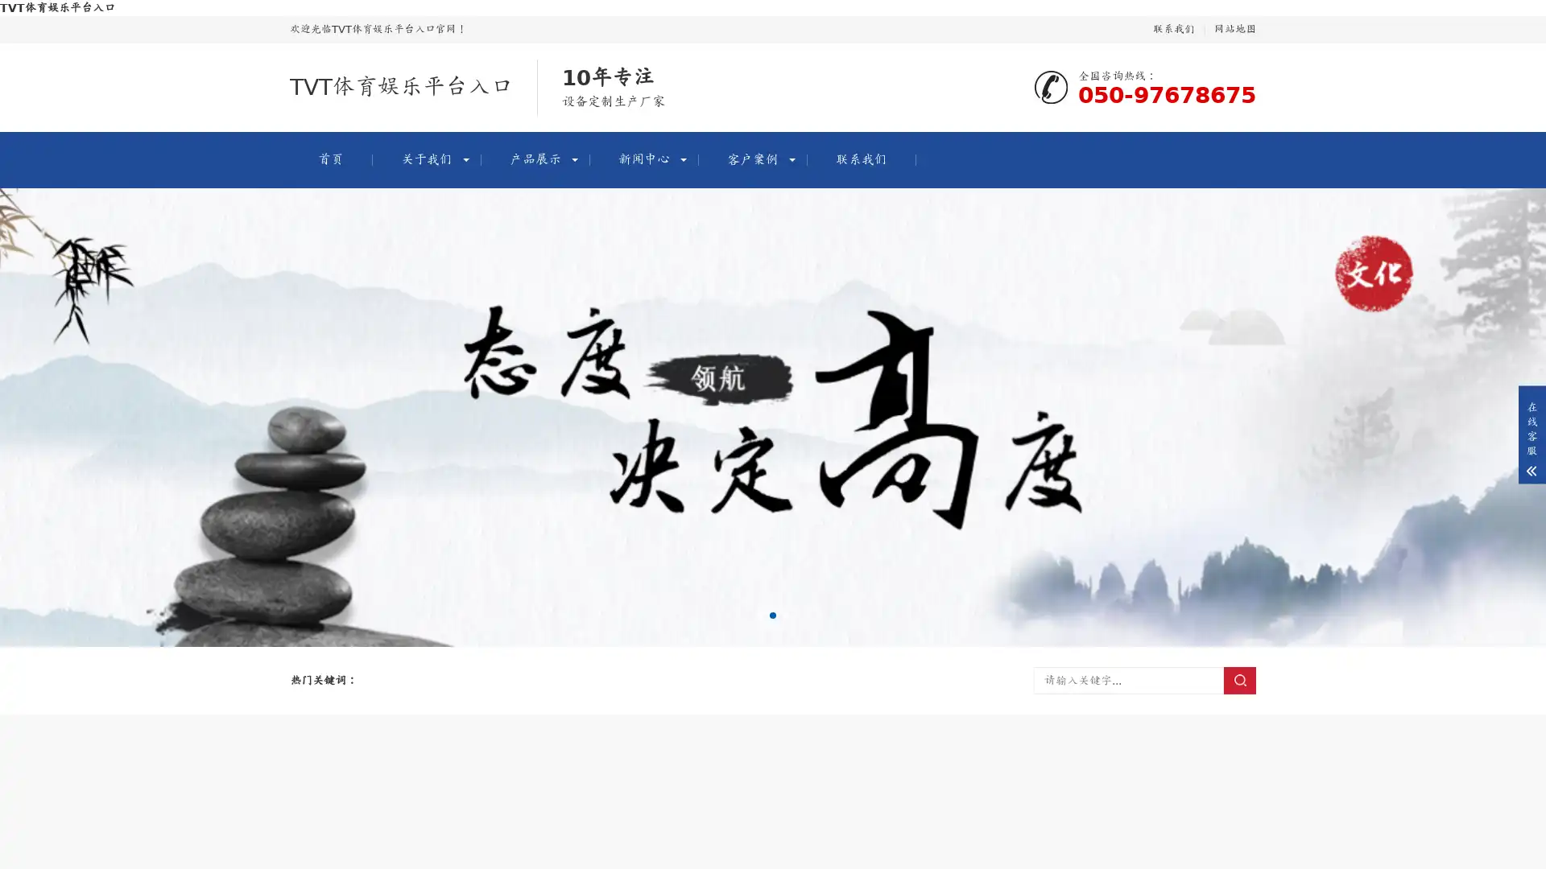 The height and width of the screenshot is (869, 1546). I want to click on Go to slide 3, so click(785, 615).